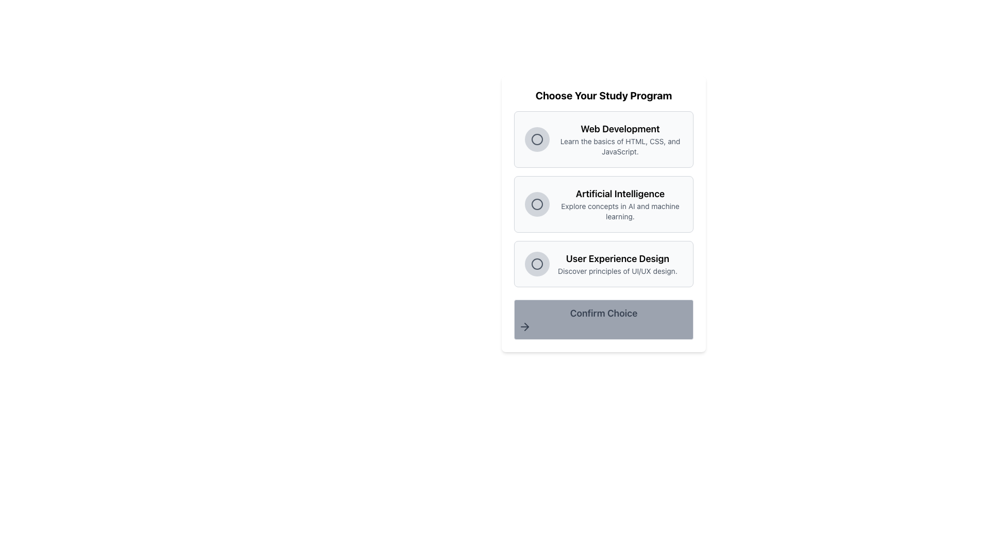 This screenshot has width=990, height=556. Describe the element at coordinates (536, 204) in the screenshot. I see `the circular outline radio button icon with a gray stroke located to the left of the 'Artificial Intelligence' option label` at that location.